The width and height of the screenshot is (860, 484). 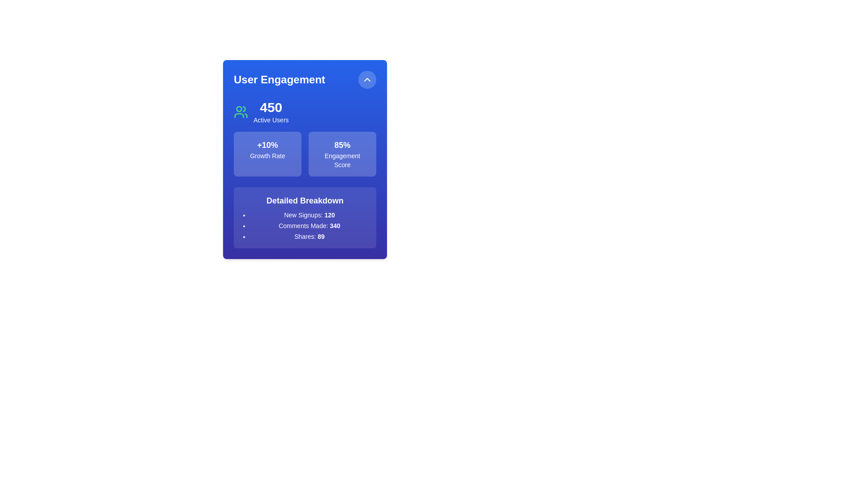 What do you see at coordinates (367, 79) in the screenshot?
I see `the Interactive button with a chevron icon located at the top-right corner of the 'User Engagement' card for keyboard interaction` at bounding box center [367, 79].